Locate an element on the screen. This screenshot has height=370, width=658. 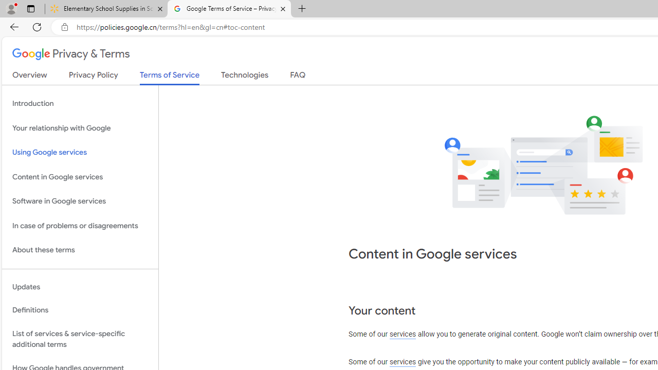
'New Tab' is located at coordinates (301, 9).